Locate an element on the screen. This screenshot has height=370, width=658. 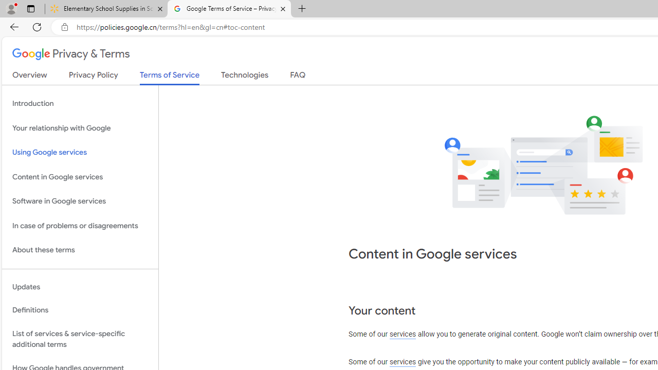
'New Tab' is located at coordinates (301, 9).